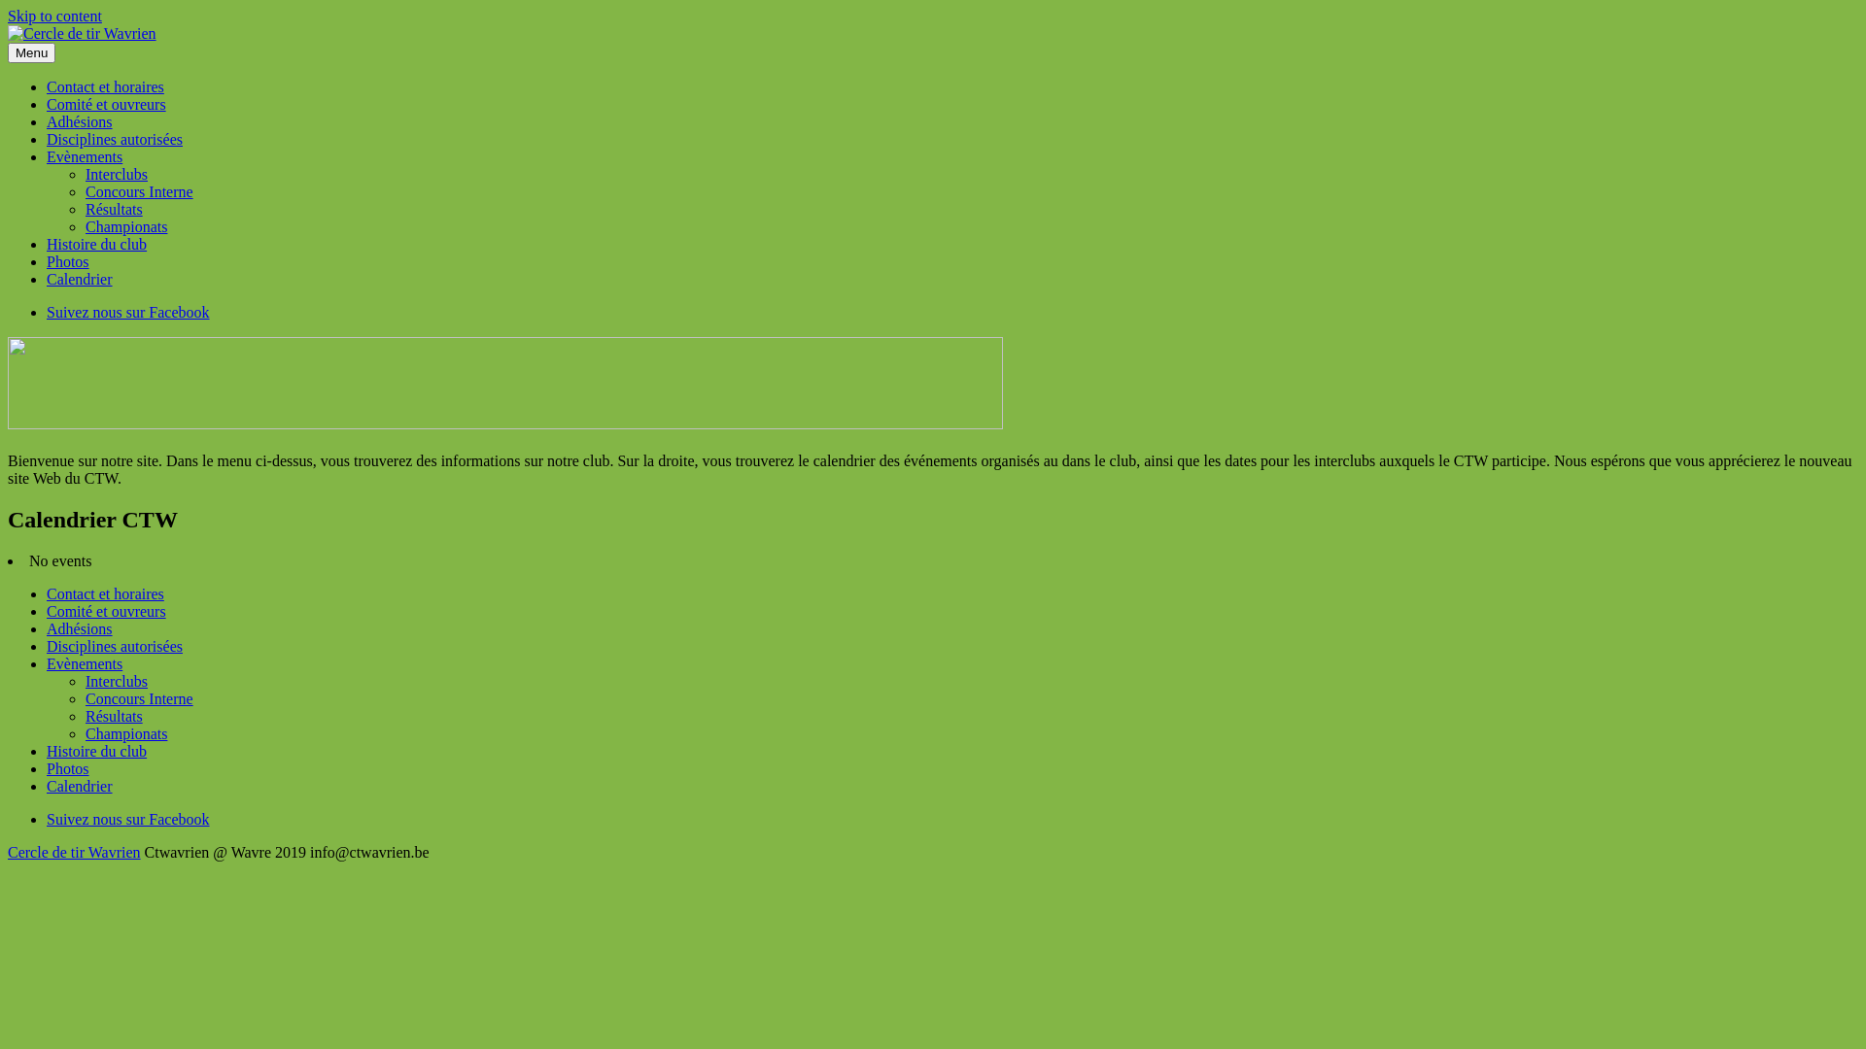 The height and width of the screenshot is (1049, 1866). Describe the element at coordinates (84, 733) in the screenshot. I see `'Championats'` at that location.